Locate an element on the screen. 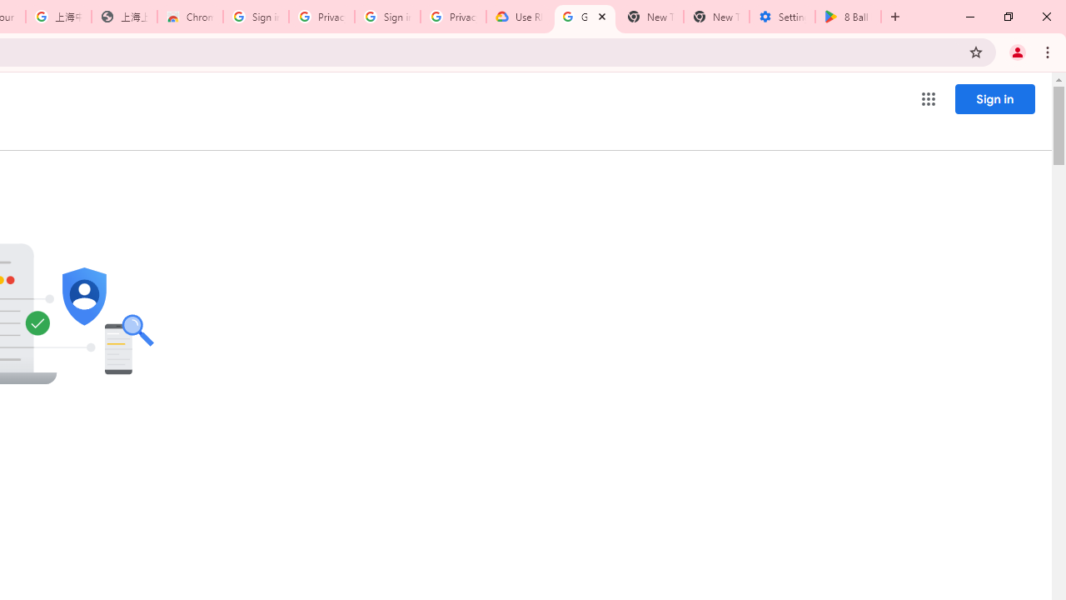  '8 Ball Pool - Apps on Google Play' is located at coordinates (848, 17).